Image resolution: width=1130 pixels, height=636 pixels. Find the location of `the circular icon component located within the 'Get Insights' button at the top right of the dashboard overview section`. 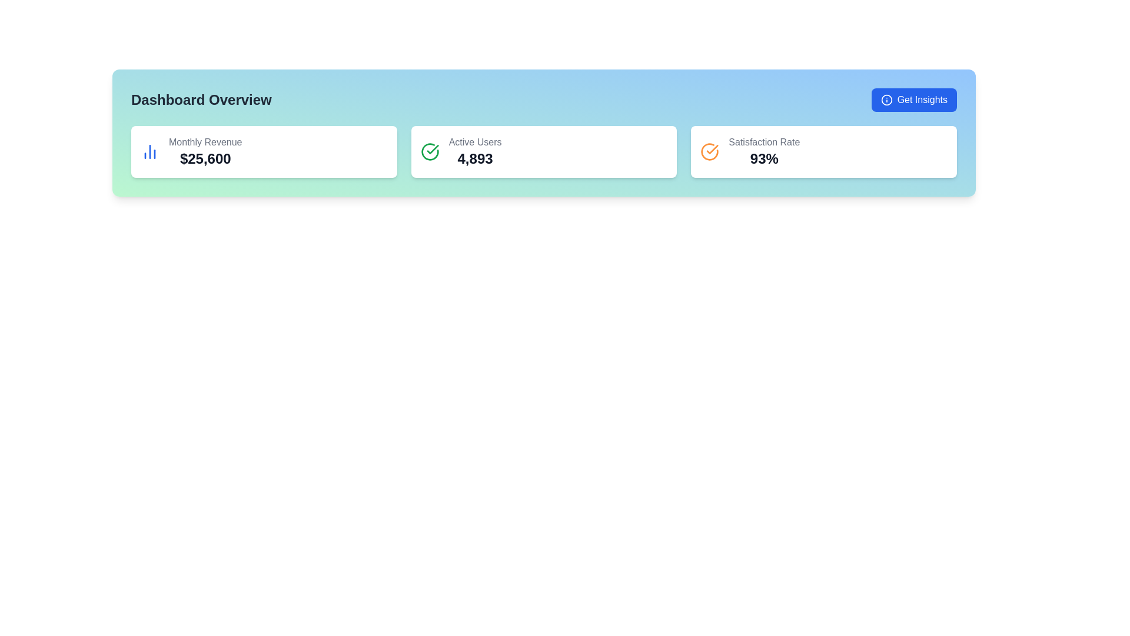

the circular icon component located within the 'Get Insights' button at the top right of the dashboard overview section is located at coordinates (886, 99).